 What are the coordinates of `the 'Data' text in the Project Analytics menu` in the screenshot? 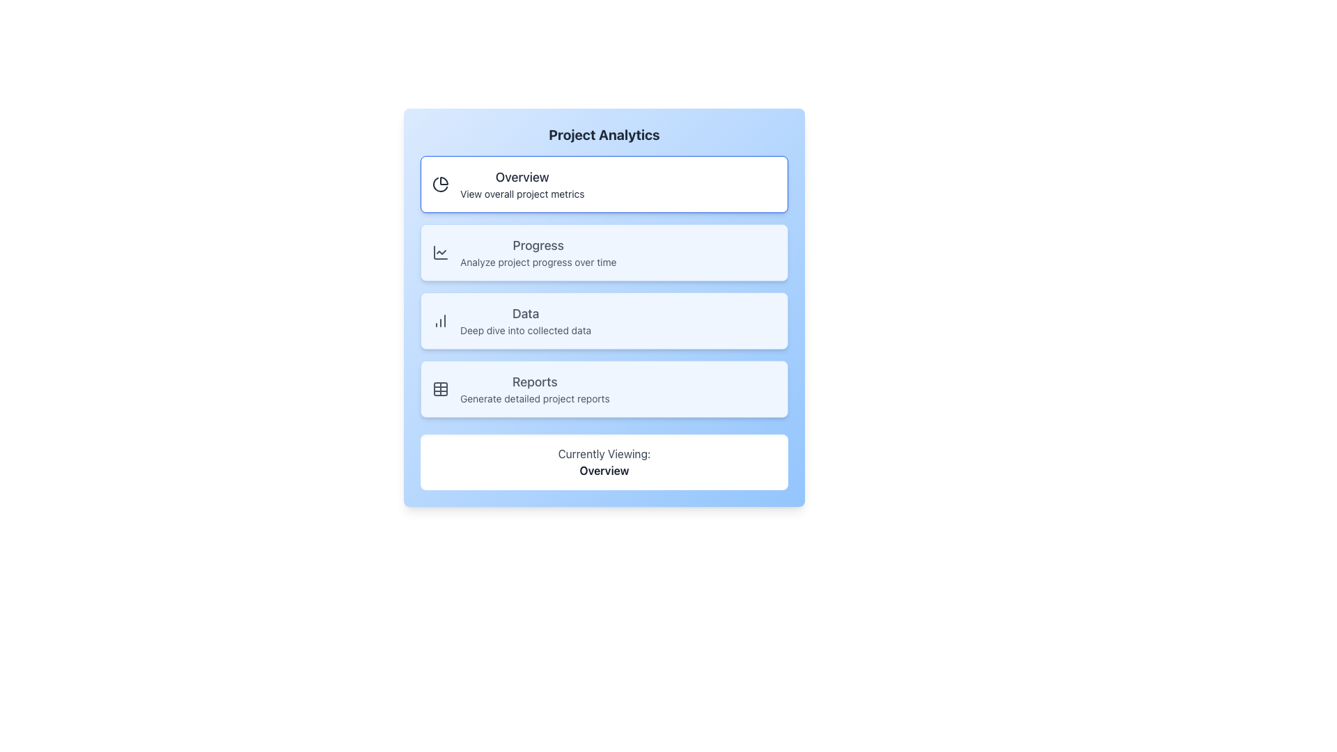 It's located at (525, 321).